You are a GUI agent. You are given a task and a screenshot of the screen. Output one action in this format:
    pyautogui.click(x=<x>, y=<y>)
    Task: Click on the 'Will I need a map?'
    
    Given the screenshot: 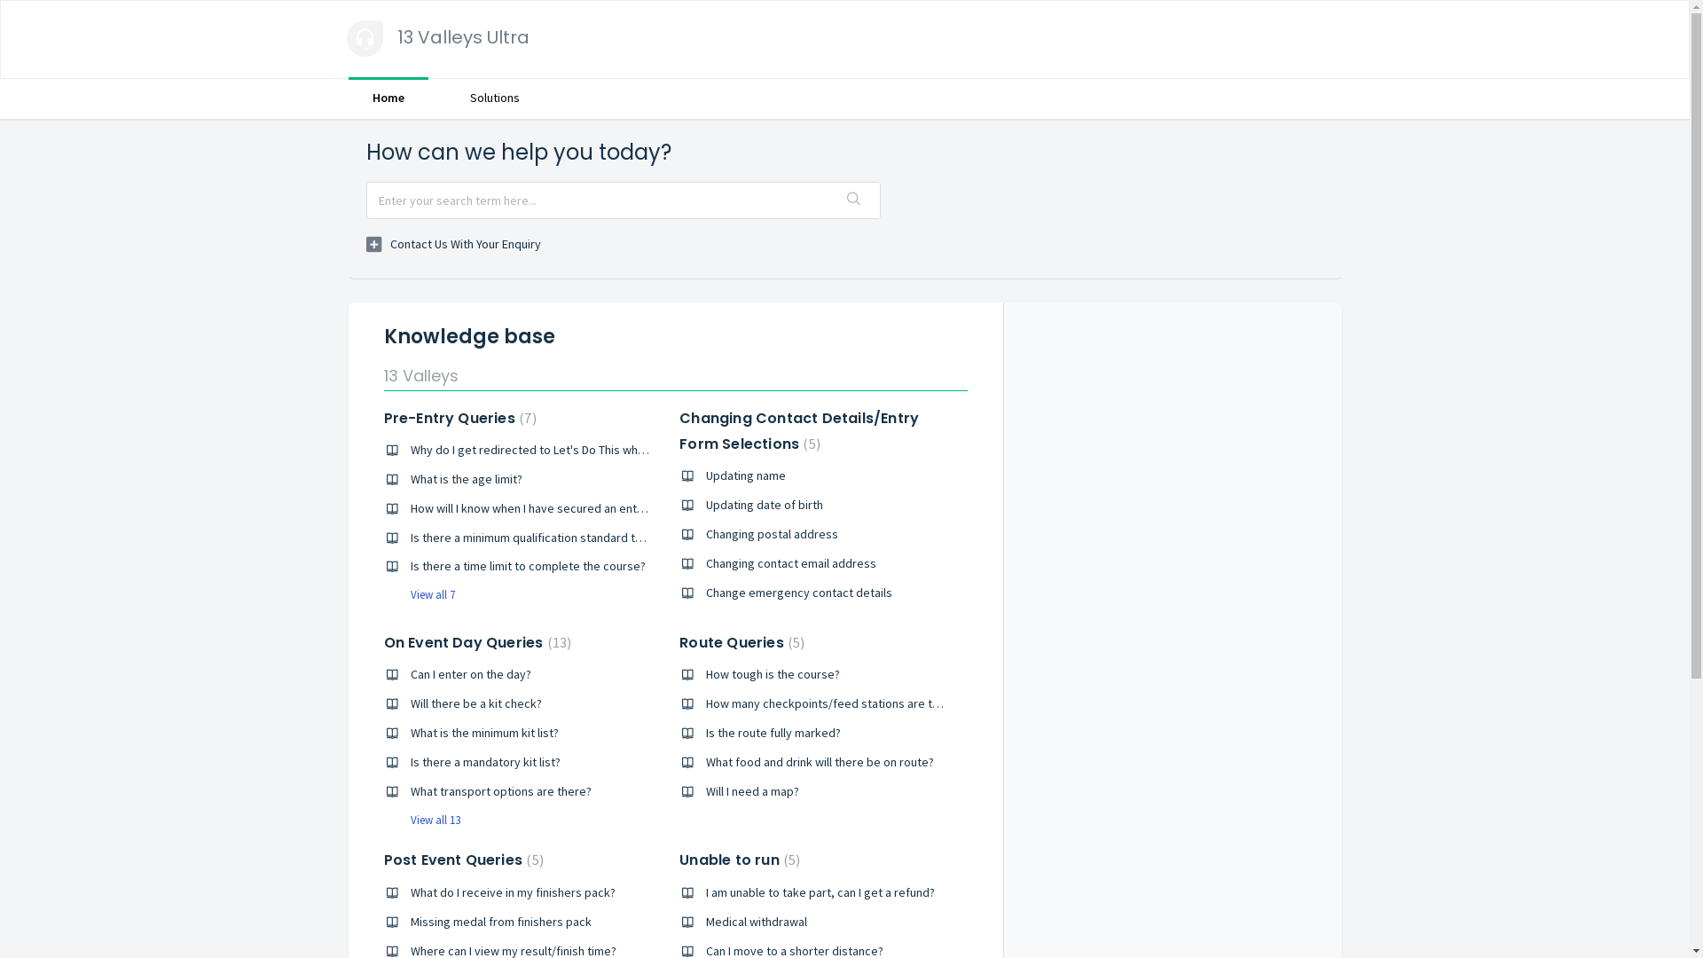 What is the action you would take?
    pyautogui.click(x=752, y=789)
    